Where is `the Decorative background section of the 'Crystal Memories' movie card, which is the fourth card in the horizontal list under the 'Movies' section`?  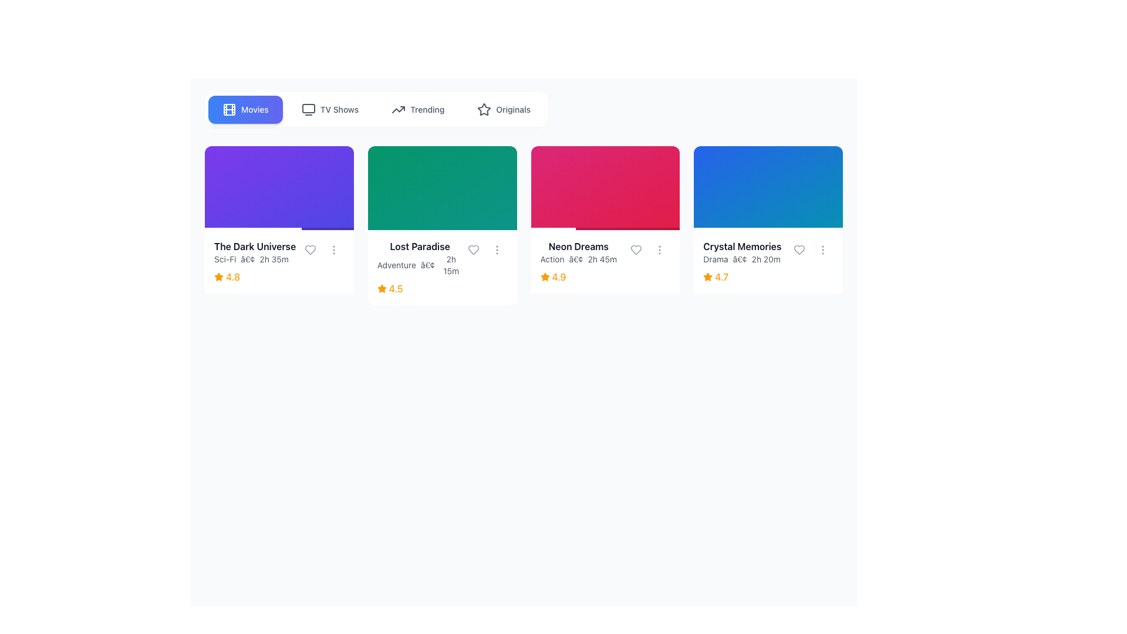 the Decorative background section of the 'Crystal Memories' movie card, which is the fourth card in the horizontal list under the 'Movies' section is located at coordinates (768, 187).